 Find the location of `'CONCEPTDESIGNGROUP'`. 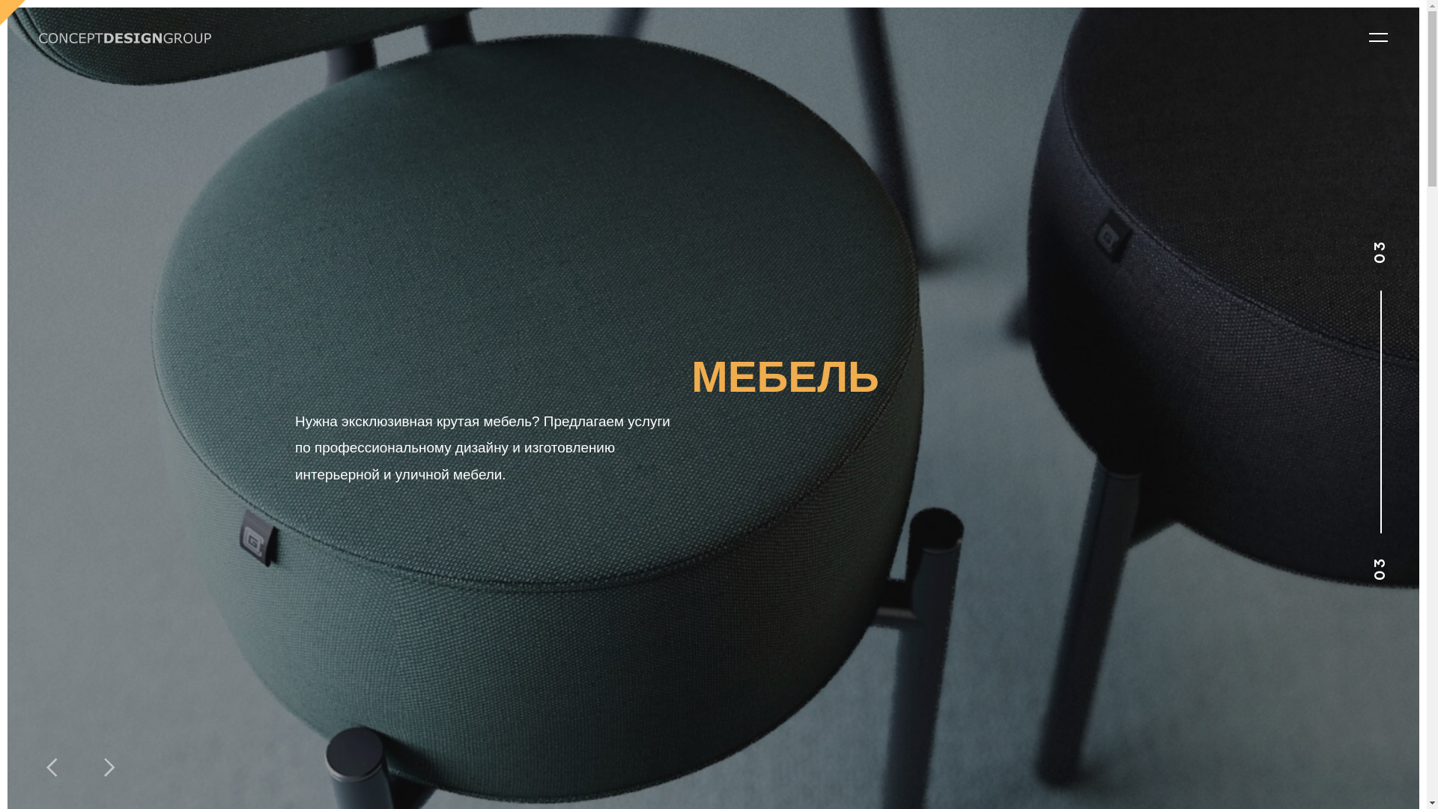

'CONCEPTDESIGNGROUP' is located at coordinates (125, 37).